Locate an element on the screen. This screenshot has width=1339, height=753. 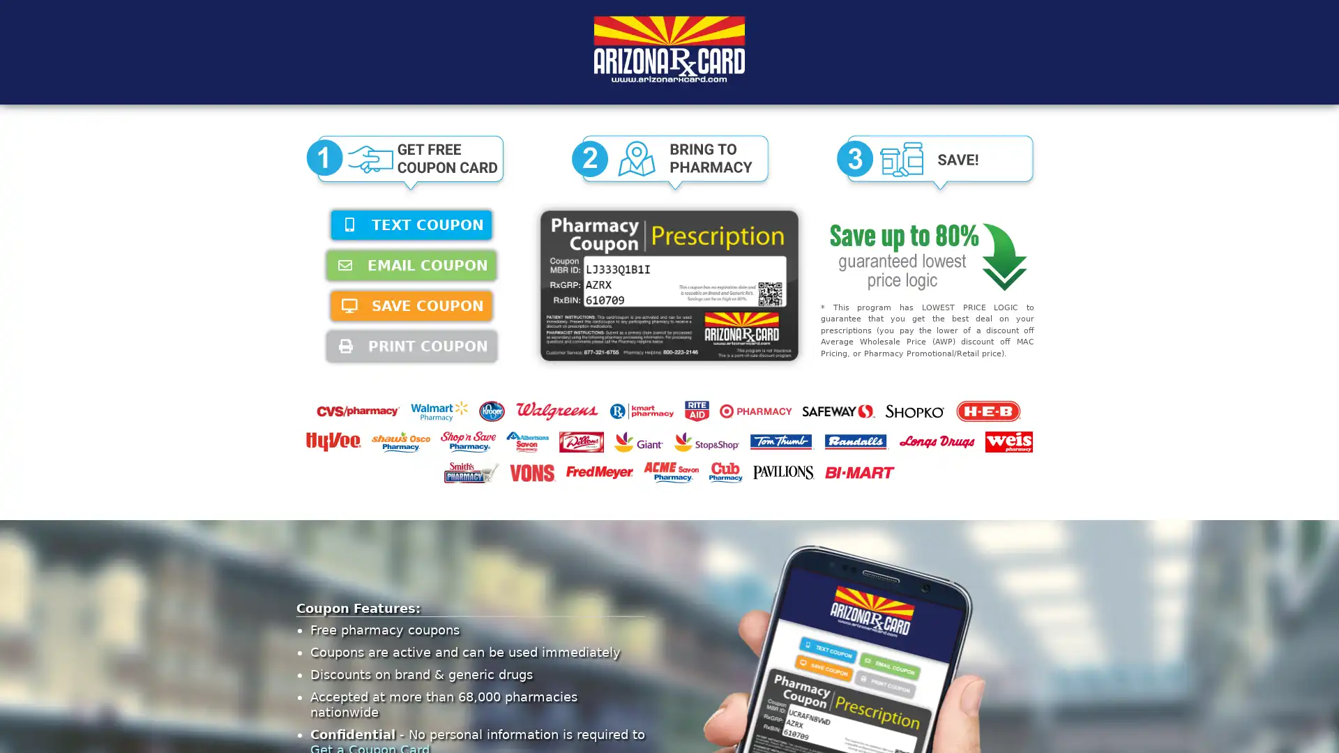
TEXT COUPON is located at coordinates (411, 225).